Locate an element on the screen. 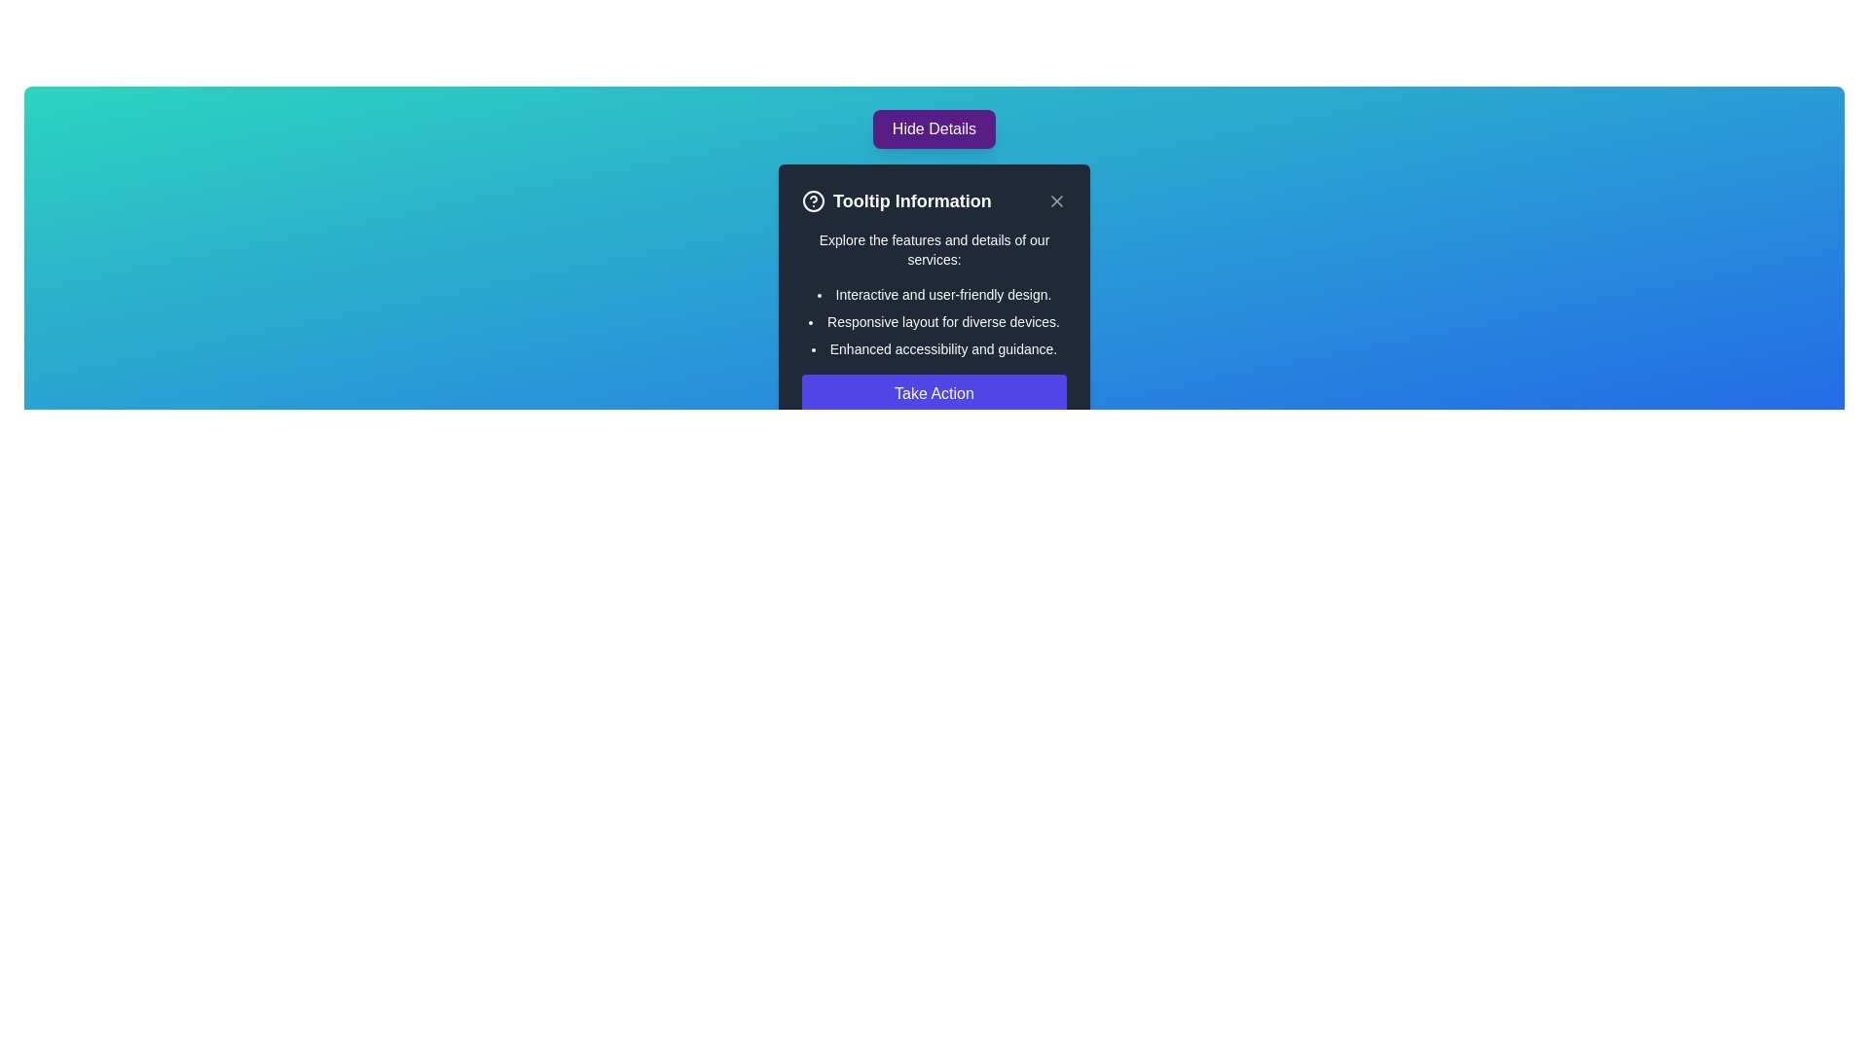 This screenshot has width=1869, height=1051. the close button located in the top-right corner of the 'Tooltip Information' panel is located at coordinates (1055, 201).